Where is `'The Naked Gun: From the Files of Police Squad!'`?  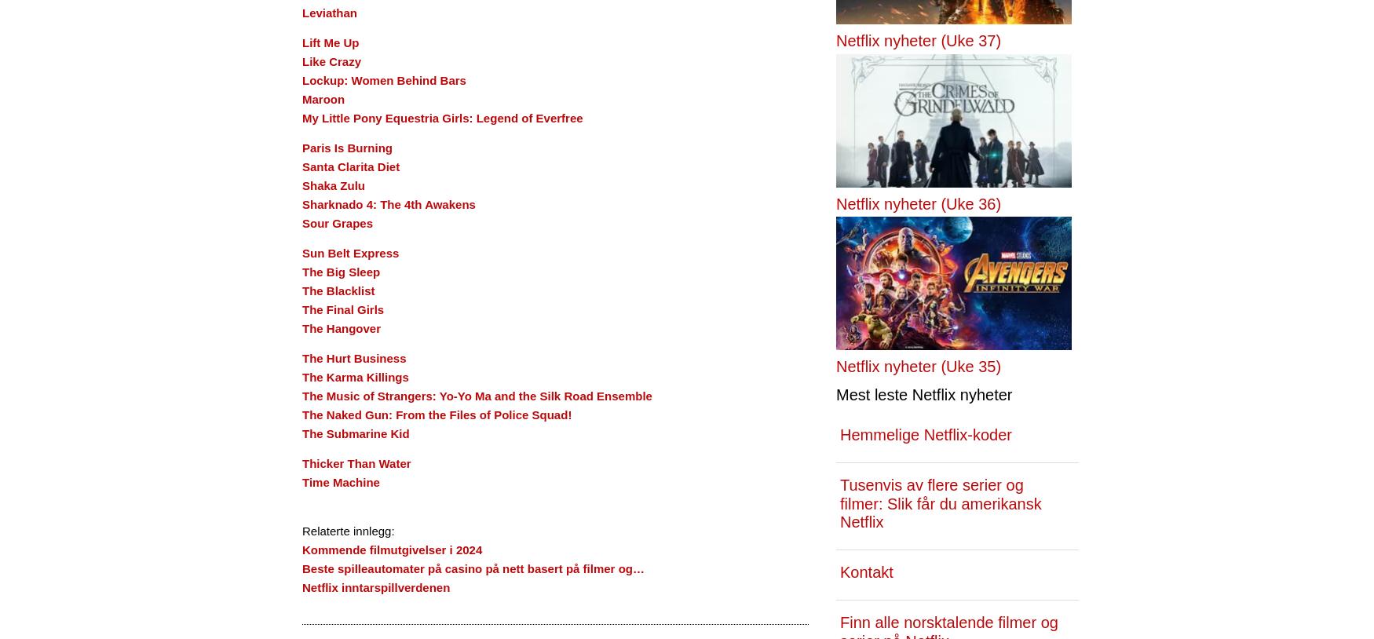
'The Naked Gun: From the Files of Police Squad!' is located at coordinates (436, 414).